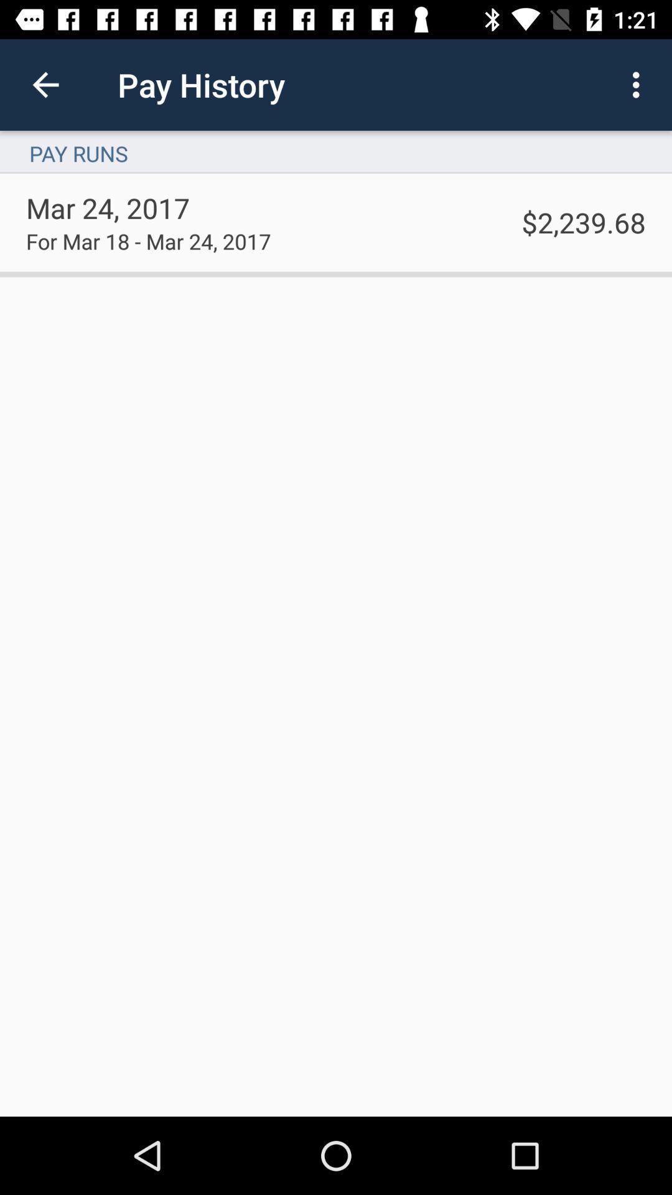 The width and height of the screenshot is (672, 1195). Describe the element at coordinates (147, 241) in the screenshot. I see `item below the mar 24, 2017 item` at that location.